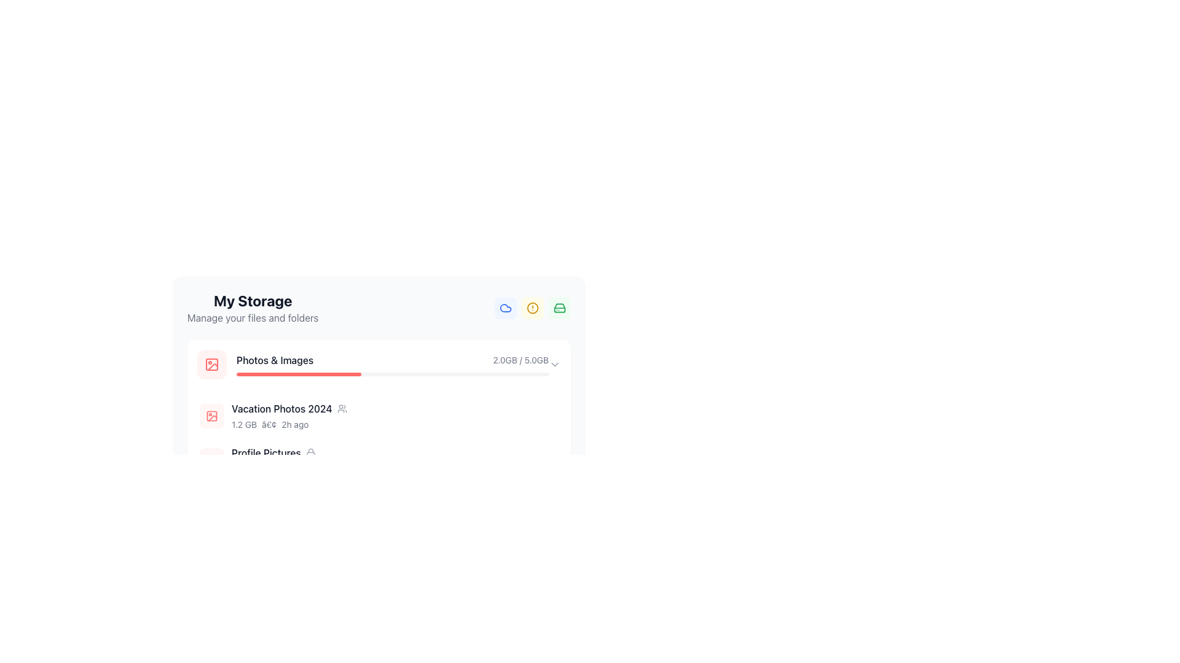 Image resolution: width=1180 pixels, height=663 pixels. What do you see at coordinates (252, 300) in the screenshot?
I see `text from the bold, large black text label stating 'My Storage', which is positioned above the subtitle 'Manage your files and folders'` at bounding box center [252, 300].